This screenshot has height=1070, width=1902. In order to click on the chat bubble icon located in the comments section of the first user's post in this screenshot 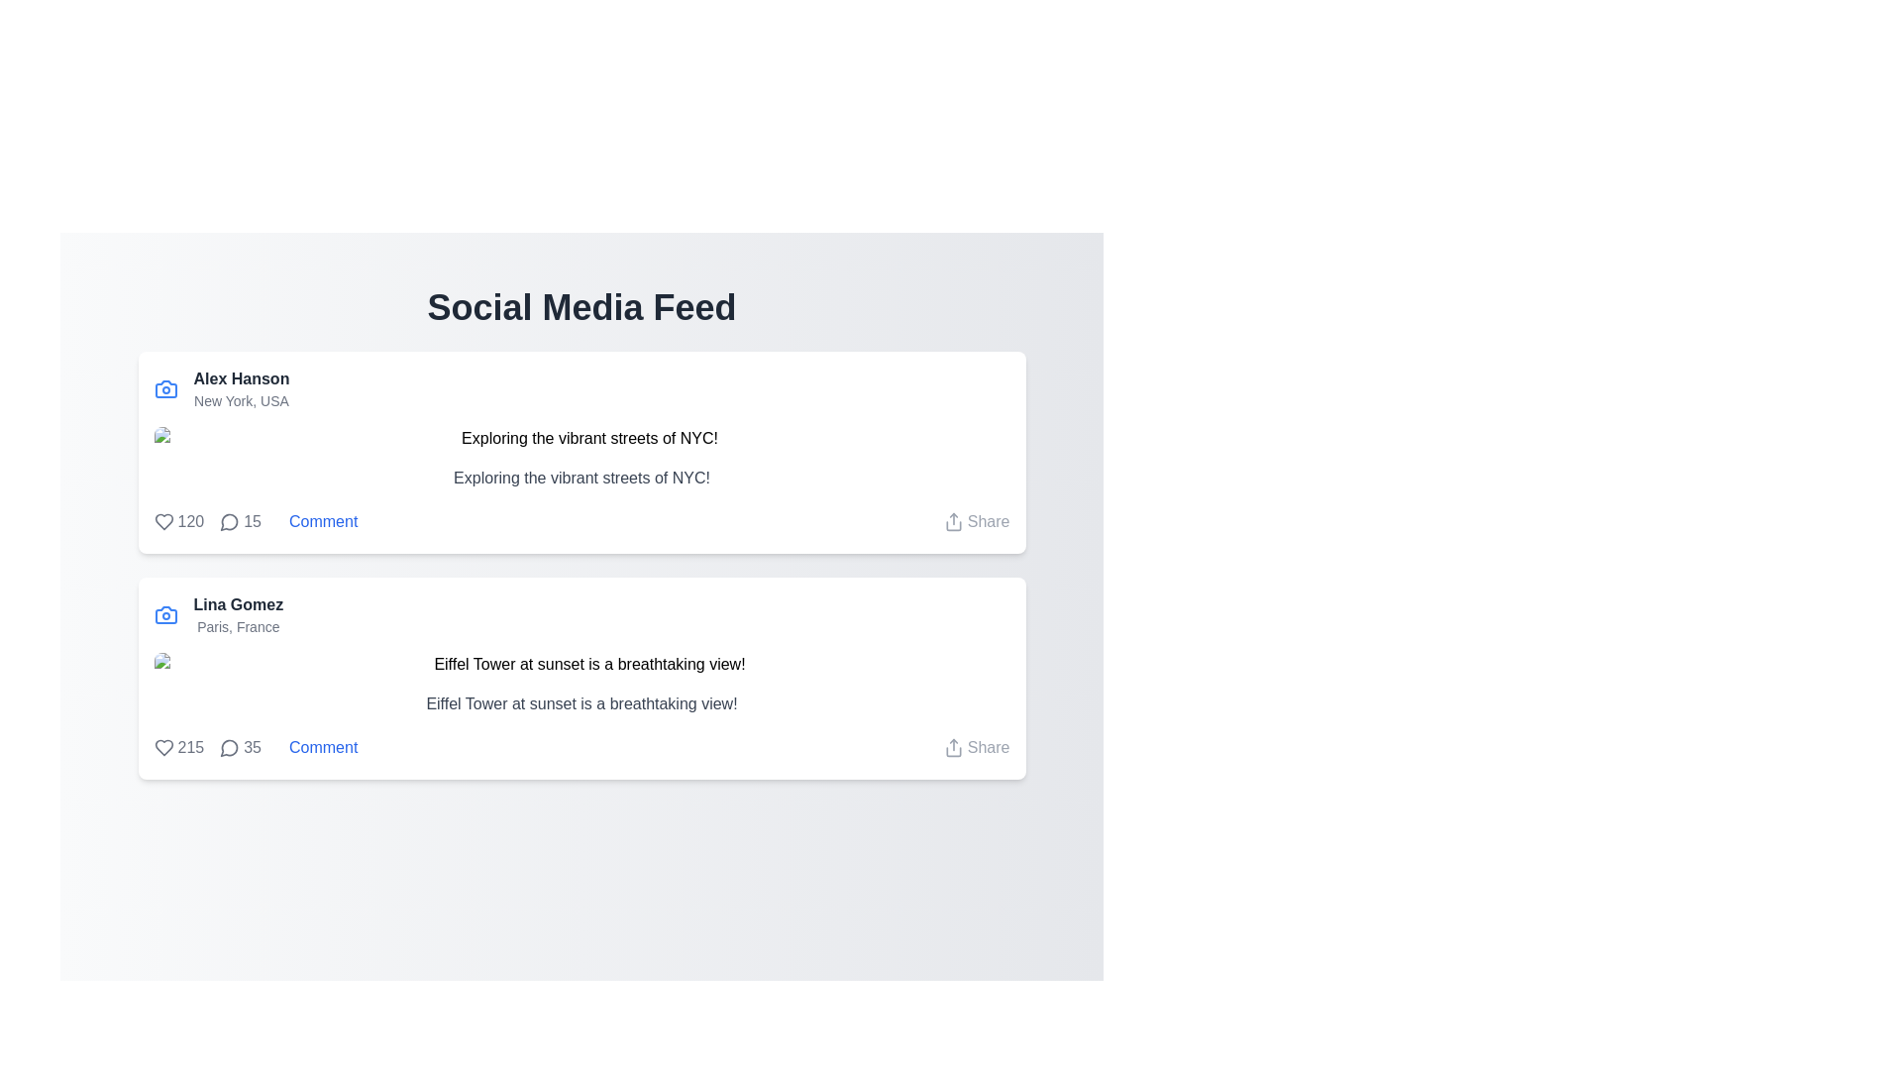, I will do `click(229, 521)`.